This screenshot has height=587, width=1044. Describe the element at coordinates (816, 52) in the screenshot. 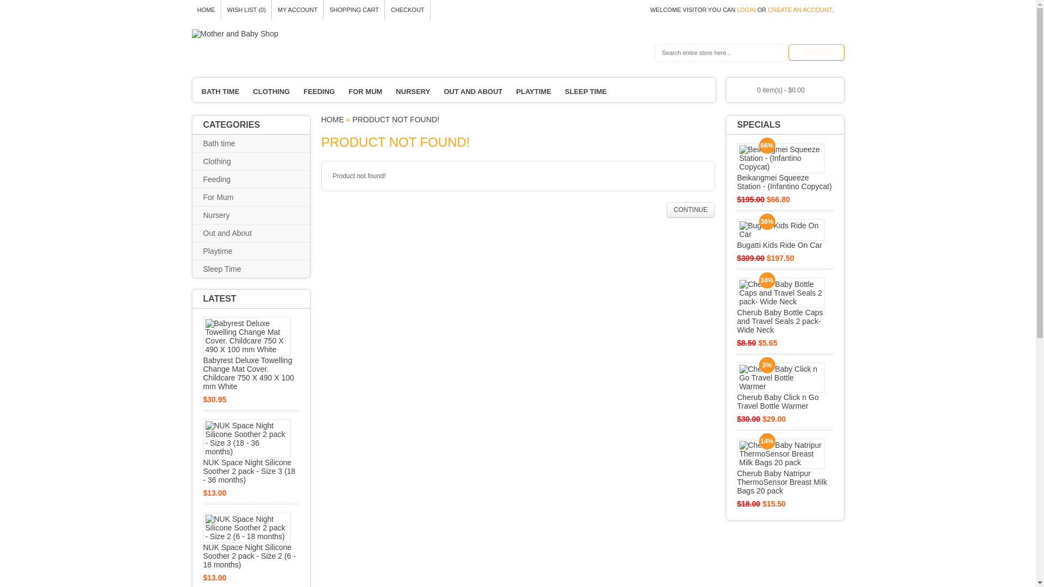

I see `'Search'` at that location.